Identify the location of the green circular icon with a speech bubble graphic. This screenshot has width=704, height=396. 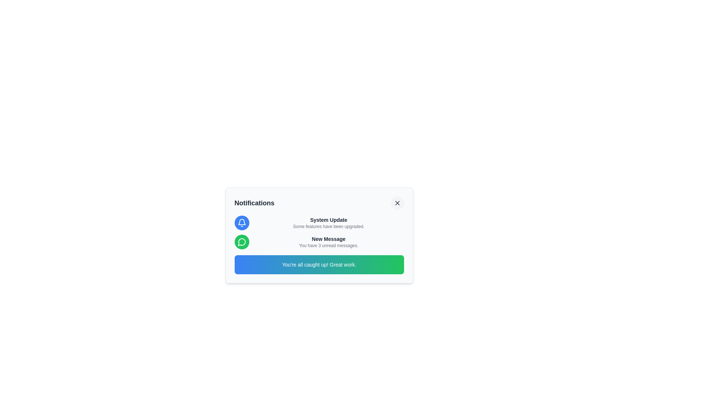
(242, 242).